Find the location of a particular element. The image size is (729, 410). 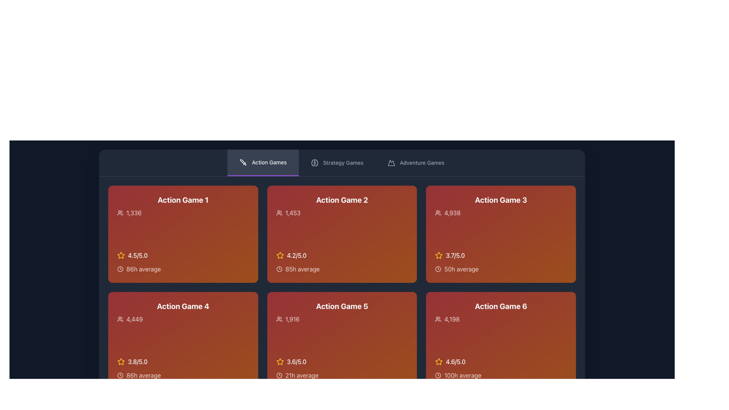

the icon indicating user count next to the text '1,453' in the card for 'Action Game 2' is located at coordinates (279, 213).